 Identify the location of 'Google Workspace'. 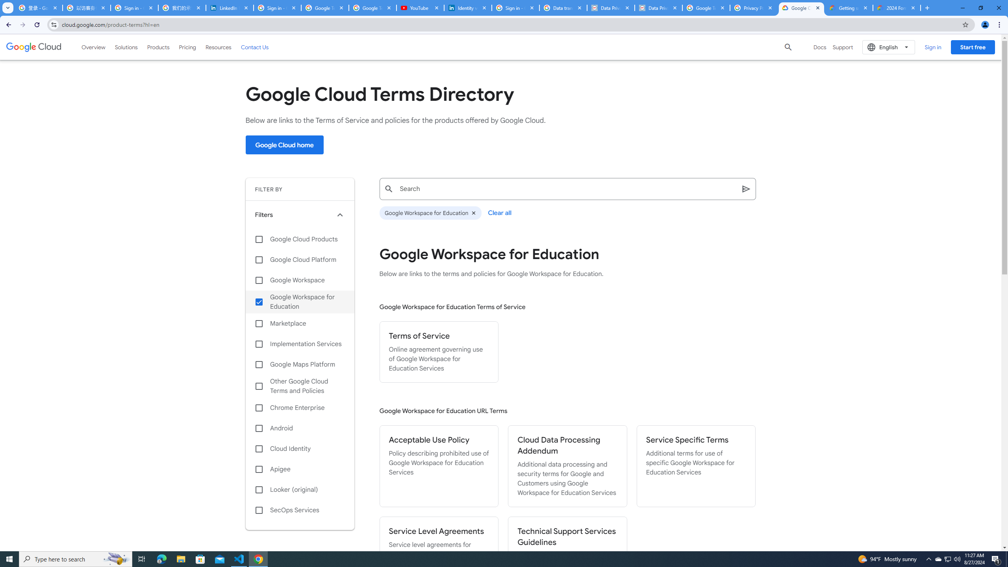
(300, 280).